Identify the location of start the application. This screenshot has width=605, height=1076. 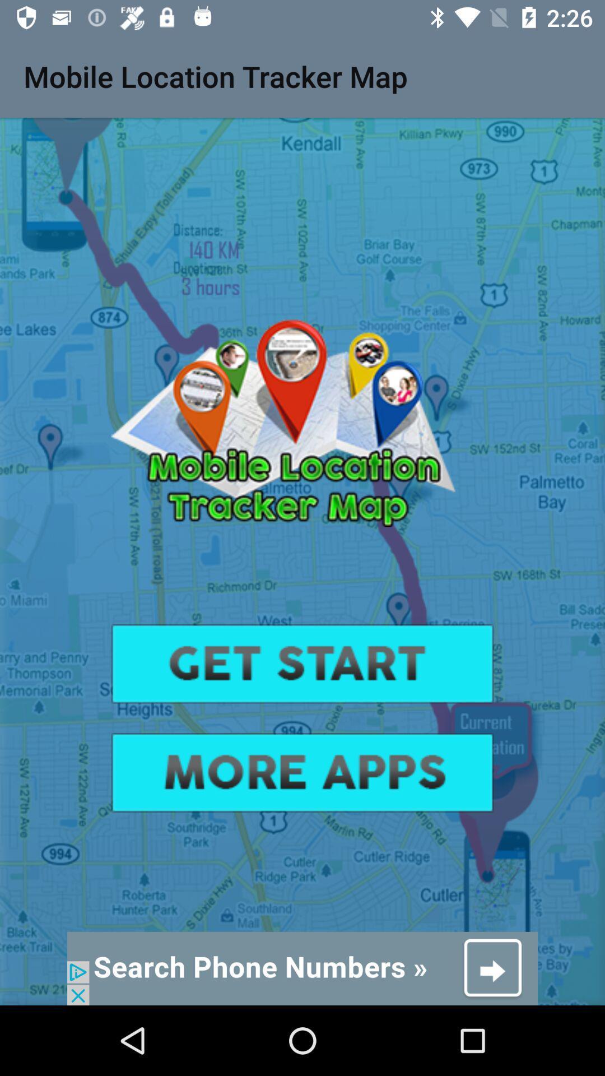
(302, 664).